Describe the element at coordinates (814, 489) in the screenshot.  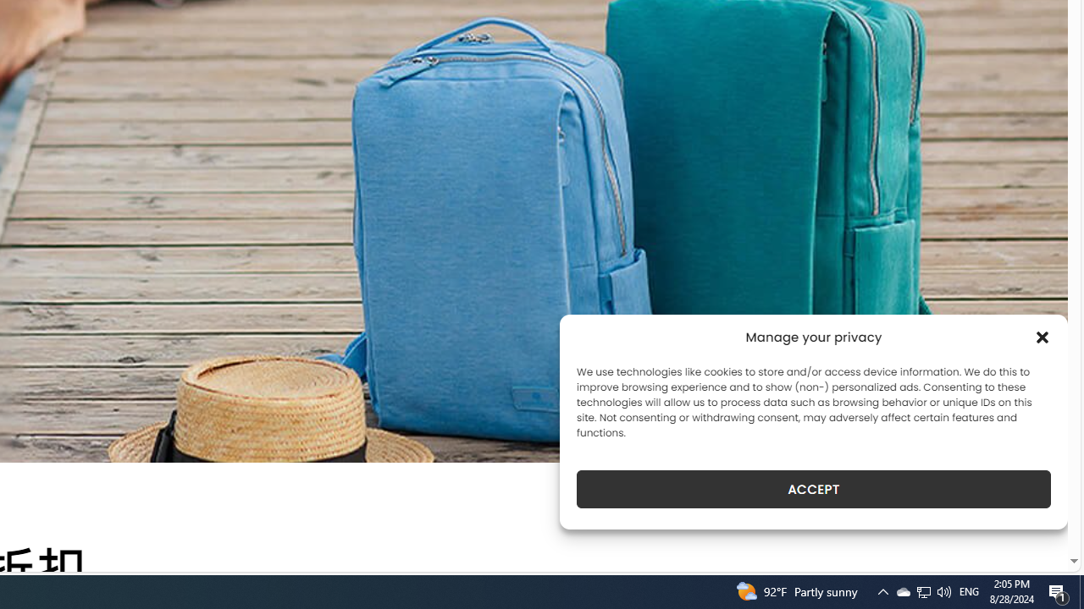
I see `'ACCEPT'` at that location.